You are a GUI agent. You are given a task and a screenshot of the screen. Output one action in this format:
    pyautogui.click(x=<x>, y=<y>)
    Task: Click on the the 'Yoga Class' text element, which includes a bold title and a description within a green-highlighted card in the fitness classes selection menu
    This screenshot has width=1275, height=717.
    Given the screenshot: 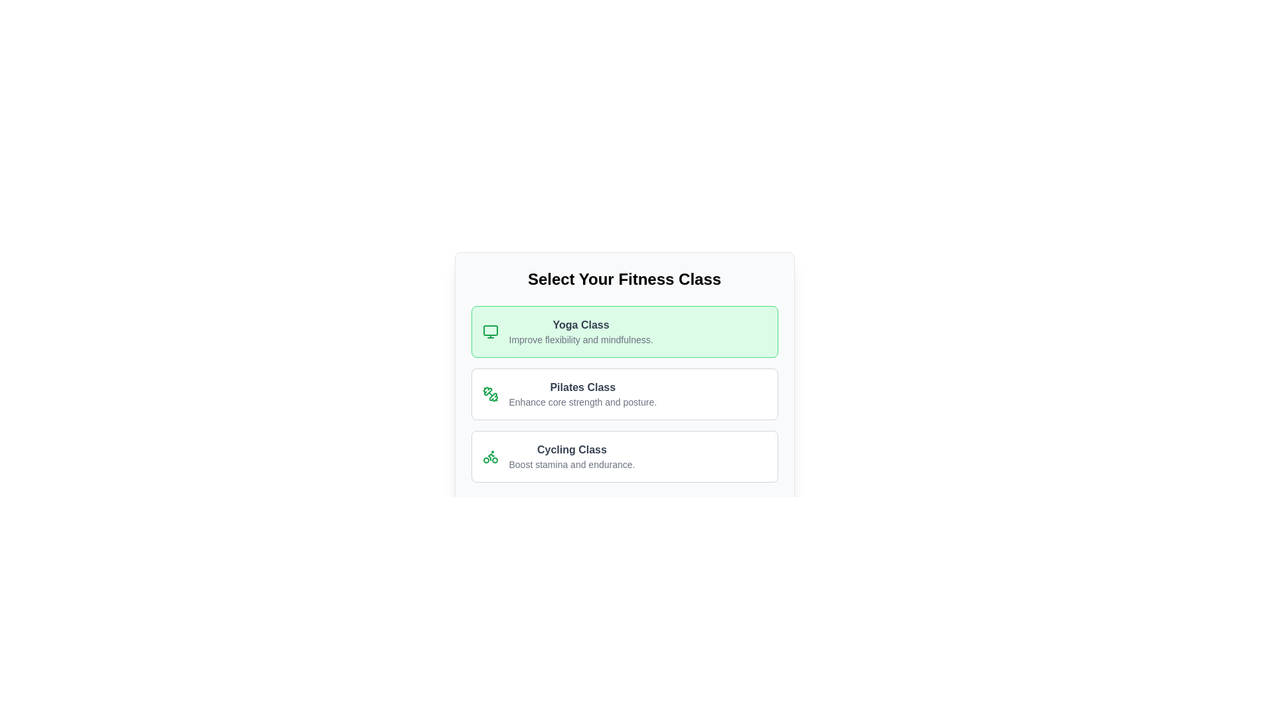 What is the action you would take?
    pyautogui.click(x=581, y=331)
    